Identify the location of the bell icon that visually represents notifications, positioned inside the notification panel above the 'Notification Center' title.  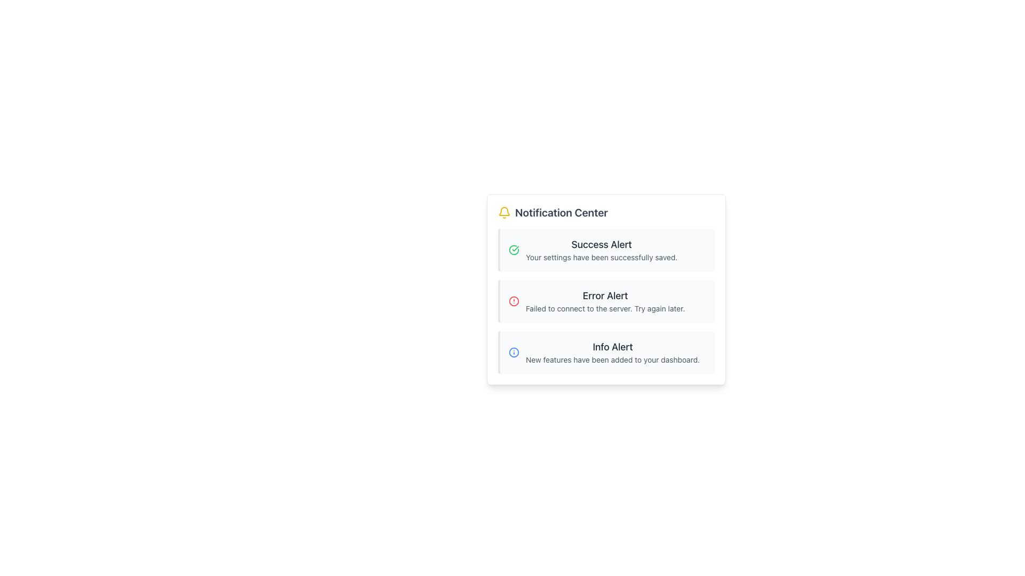
(504, 211).